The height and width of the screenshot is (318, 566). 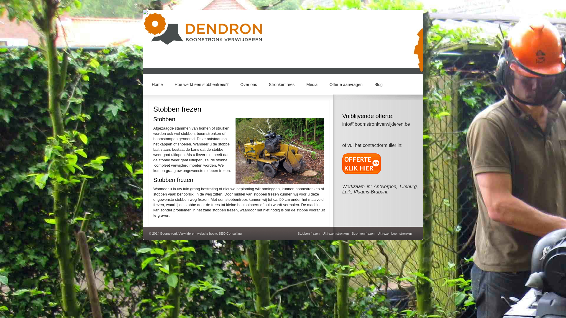 I want to click on 'Home', so click(x=146, y=84).